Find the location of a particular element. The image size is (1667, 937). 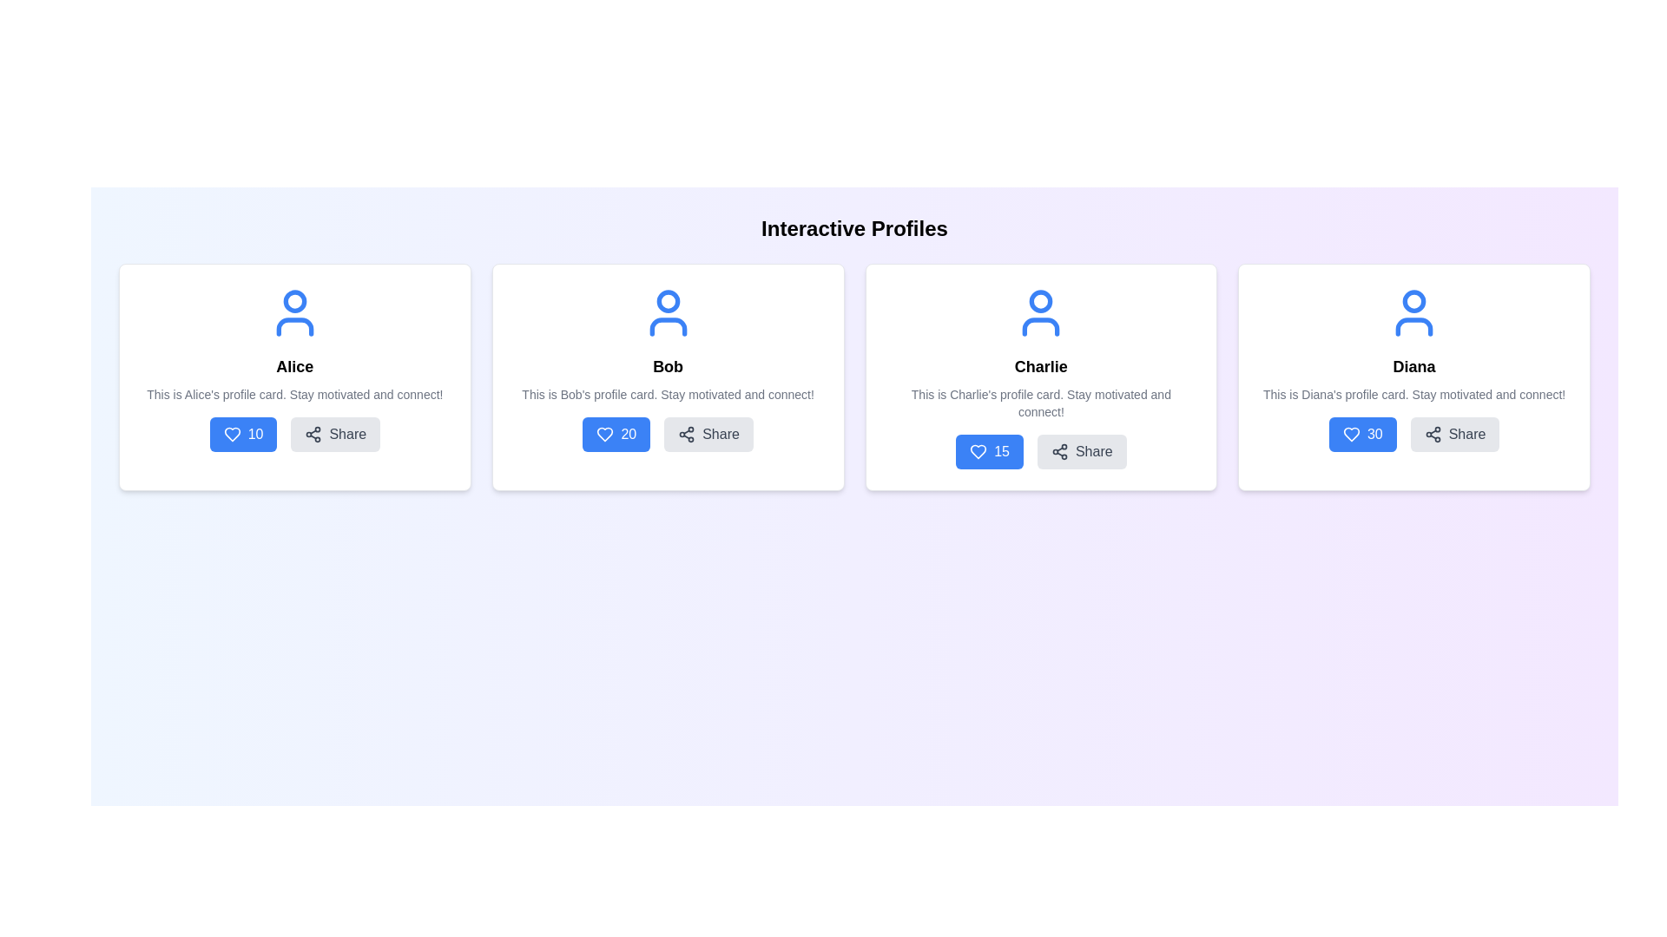

the 'Share' button, which is a rectangular button with a share icon and 'Share' text, located in the lower section of Alice's profile card is located at coordinates (335, 434).